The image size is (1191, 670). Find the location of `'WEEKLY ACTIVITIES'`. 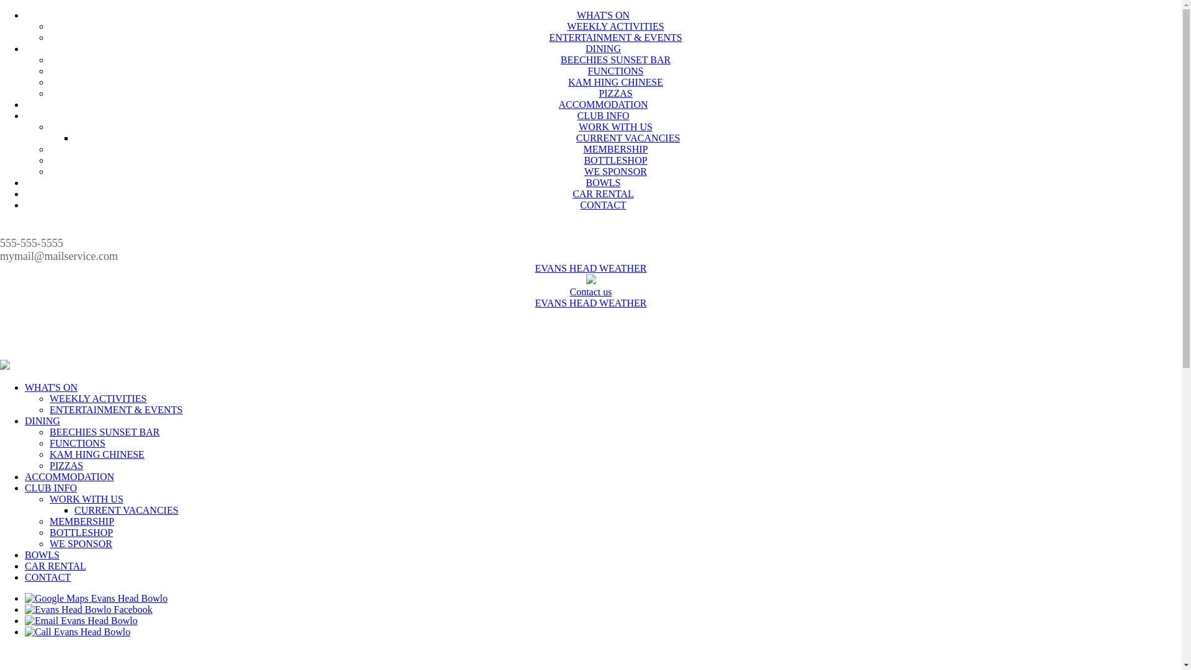

'WEEKLY ACTIVITIES' is located at coordinates (97, 398).